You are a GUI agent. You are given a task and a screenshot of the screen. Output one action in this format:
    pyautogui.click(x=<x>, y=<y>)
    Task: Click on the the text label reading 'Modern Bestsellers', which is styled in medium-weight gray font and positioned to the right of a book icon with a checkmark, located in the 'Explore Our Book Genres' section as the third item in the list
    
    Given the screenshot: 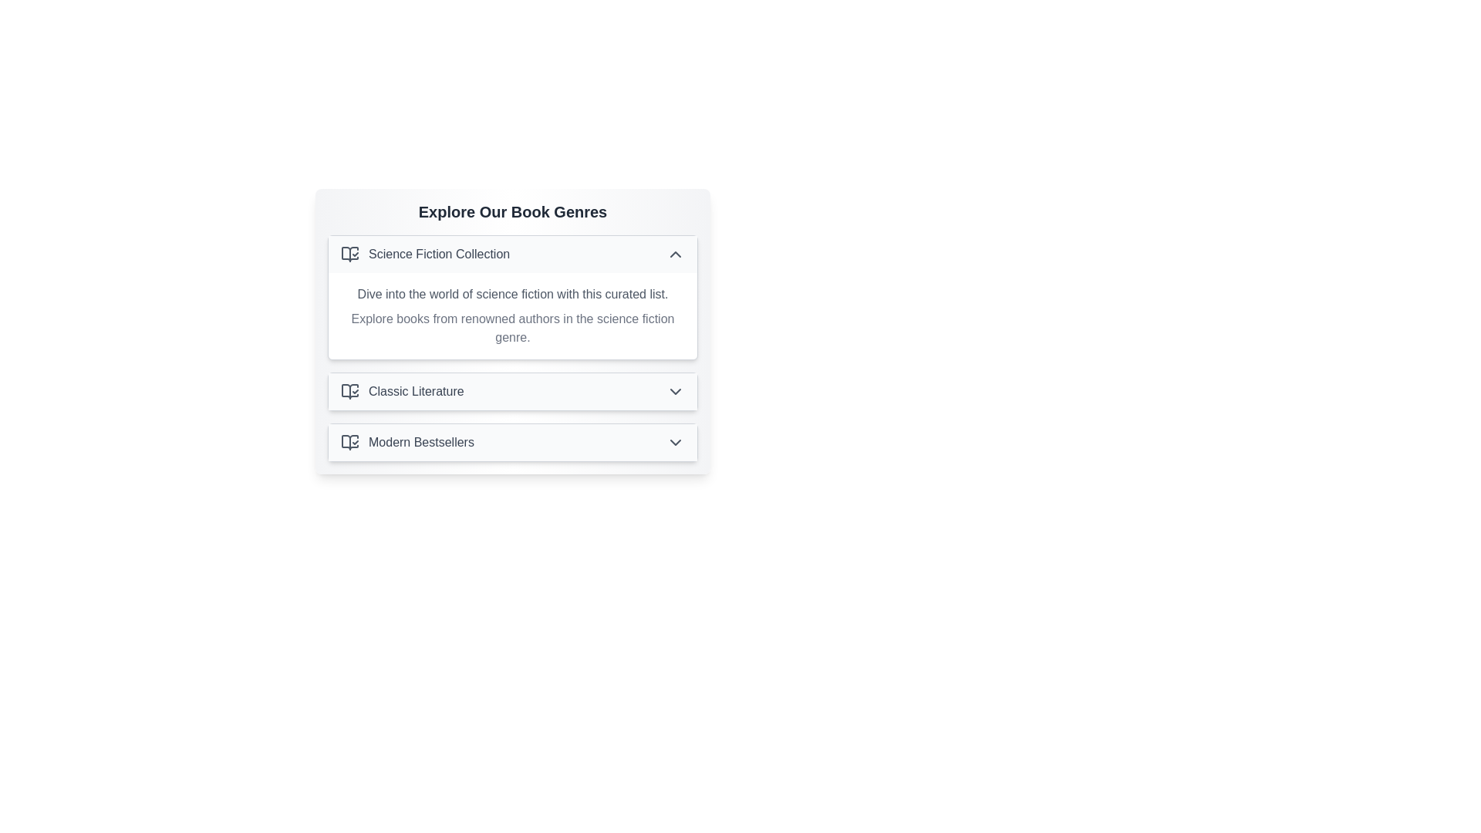 What is the action you would take?
    pyautogui.click(x=421, y=443)
    